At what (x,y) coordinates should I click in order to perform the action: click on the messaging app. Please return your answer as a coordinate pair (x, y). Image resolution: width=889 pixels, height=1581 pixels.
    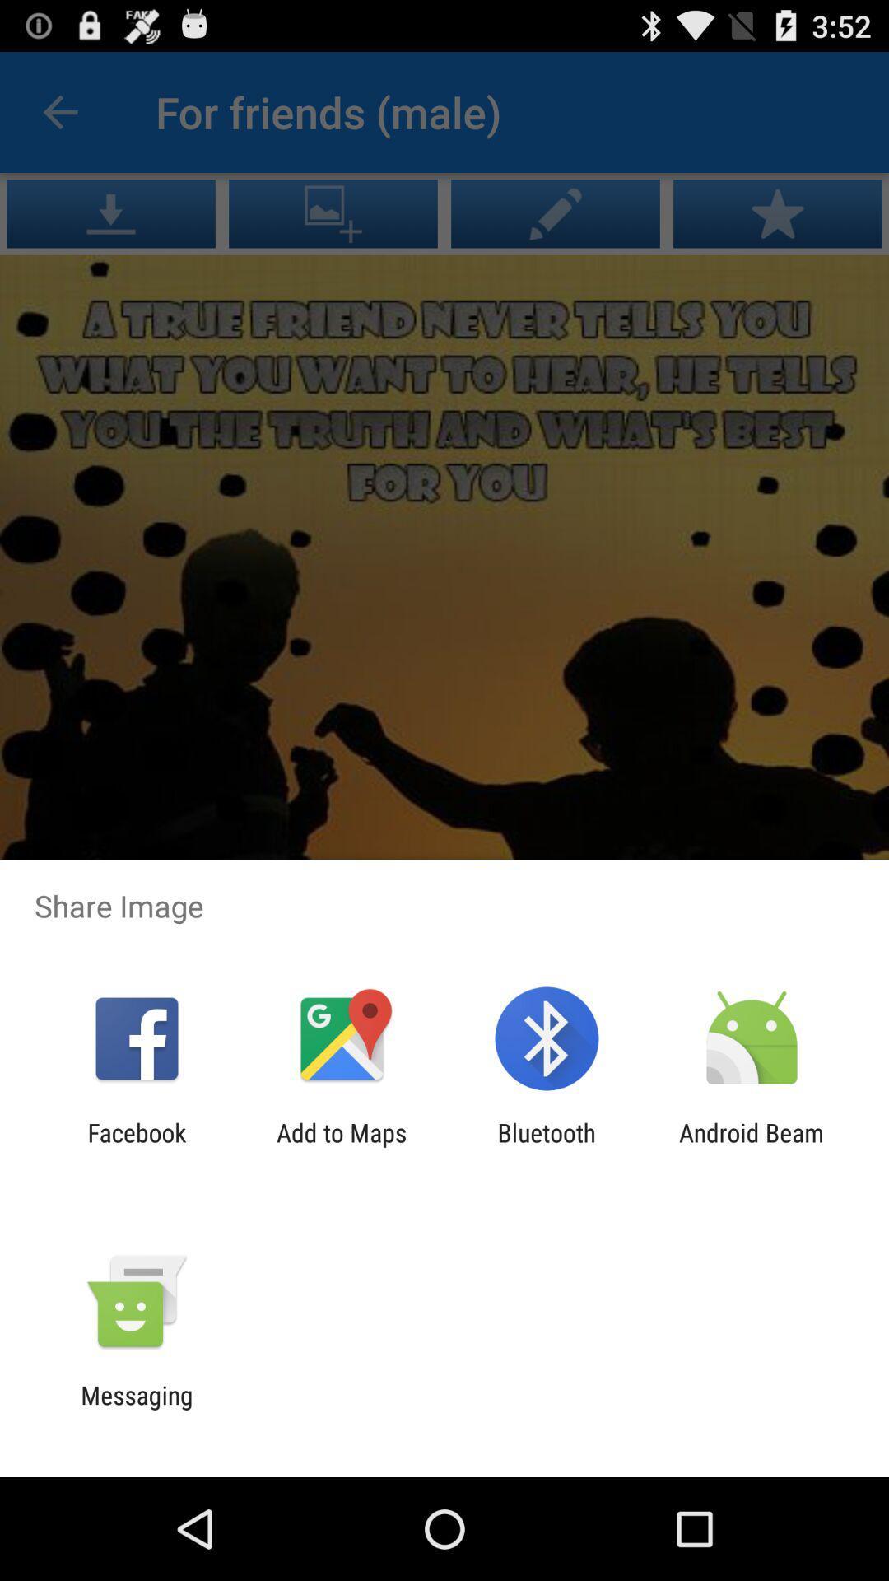
    Looking at the image, I should click on (136, 1409).